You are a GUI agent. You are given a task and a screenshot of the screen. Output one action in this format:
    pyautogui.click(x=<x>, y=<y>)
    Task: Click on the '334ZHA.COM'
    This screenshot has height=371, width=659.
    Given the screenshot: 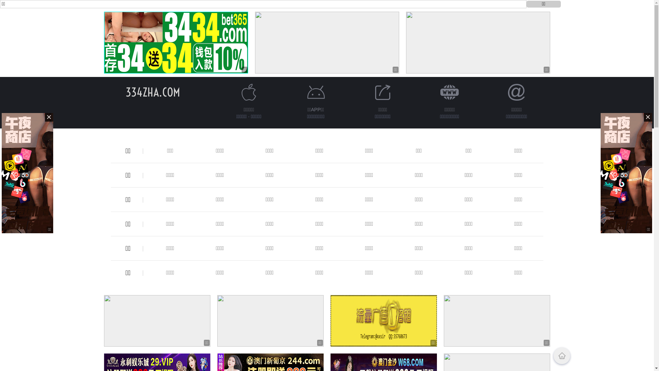 What is the action you would take?
    pyautogui.click(x=152, y=92)
    